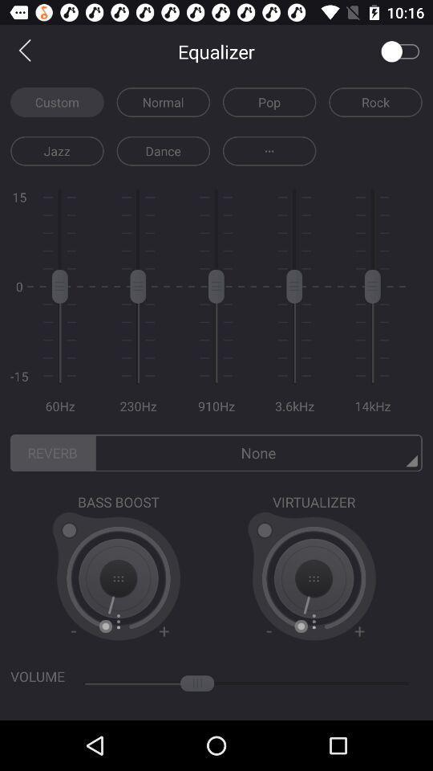 The width and height of the screenshot is (433, 771). Describe the element at coordinates (25, 55) in the screenshot. I see `the arrow_backward icon` at that location.